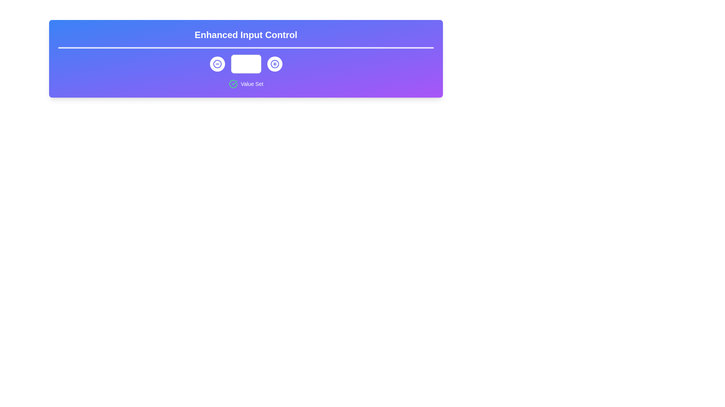 The width and height of the screenshot is (725, 407). I want to click on the Visual Divider located beneath the title text 'Enhanced Input Control', which is a thin, white bar with rounded edges positioned centrally above the control buttons and numeric input field, so click(246, 48).